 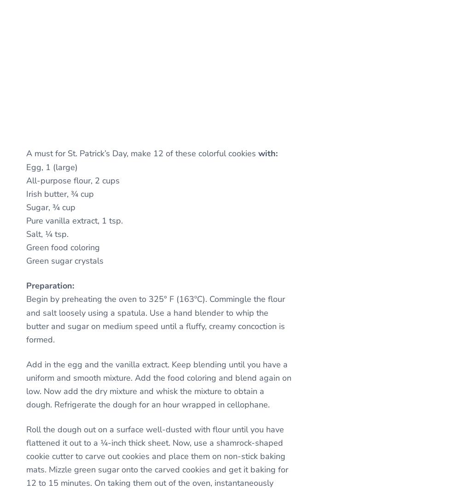 What do you see at coordinates (25, 234) in the screenshot?
I see `'Salt, ¼ tsp.'` at bounding box center [25, 234].